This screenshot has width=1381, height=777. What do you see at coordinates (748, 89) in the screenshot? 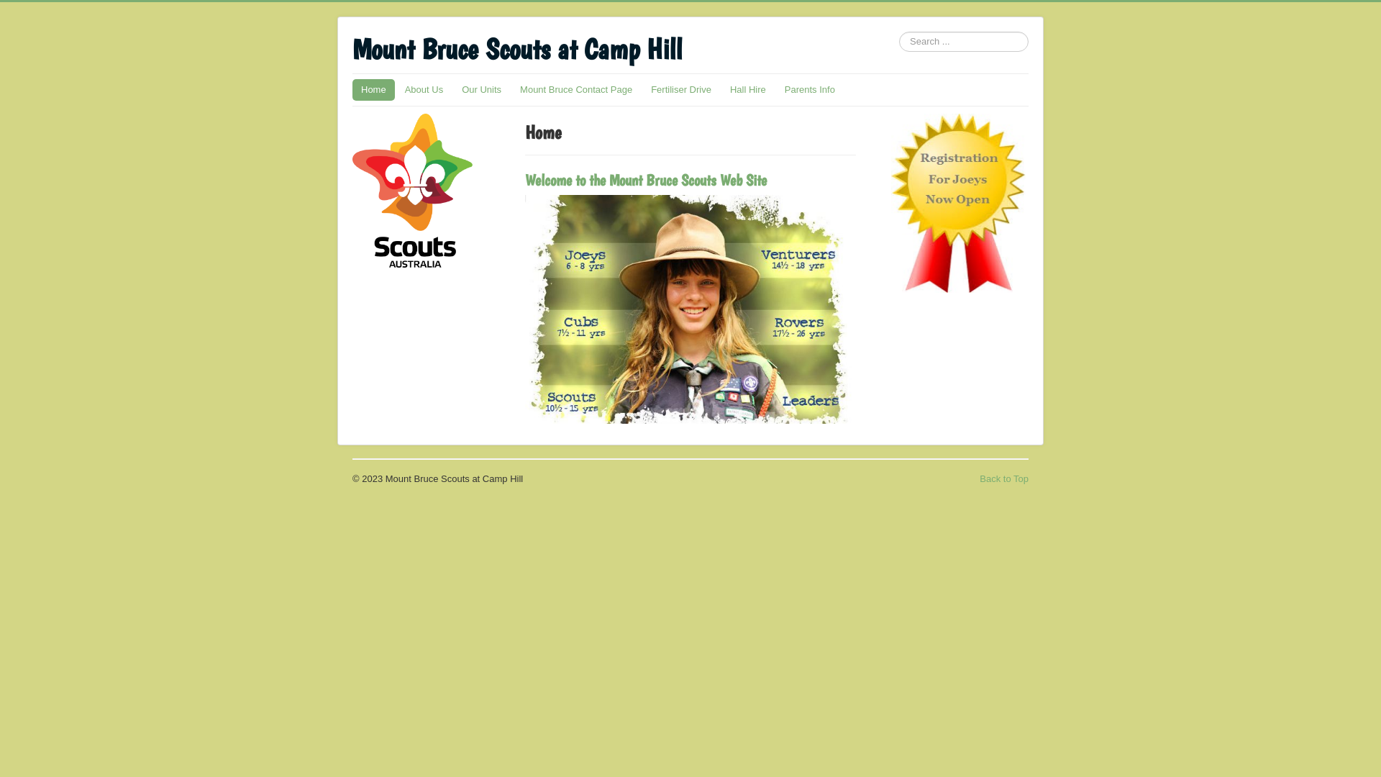
I see `'Hall Hire'` at bounding box center [748, 89].